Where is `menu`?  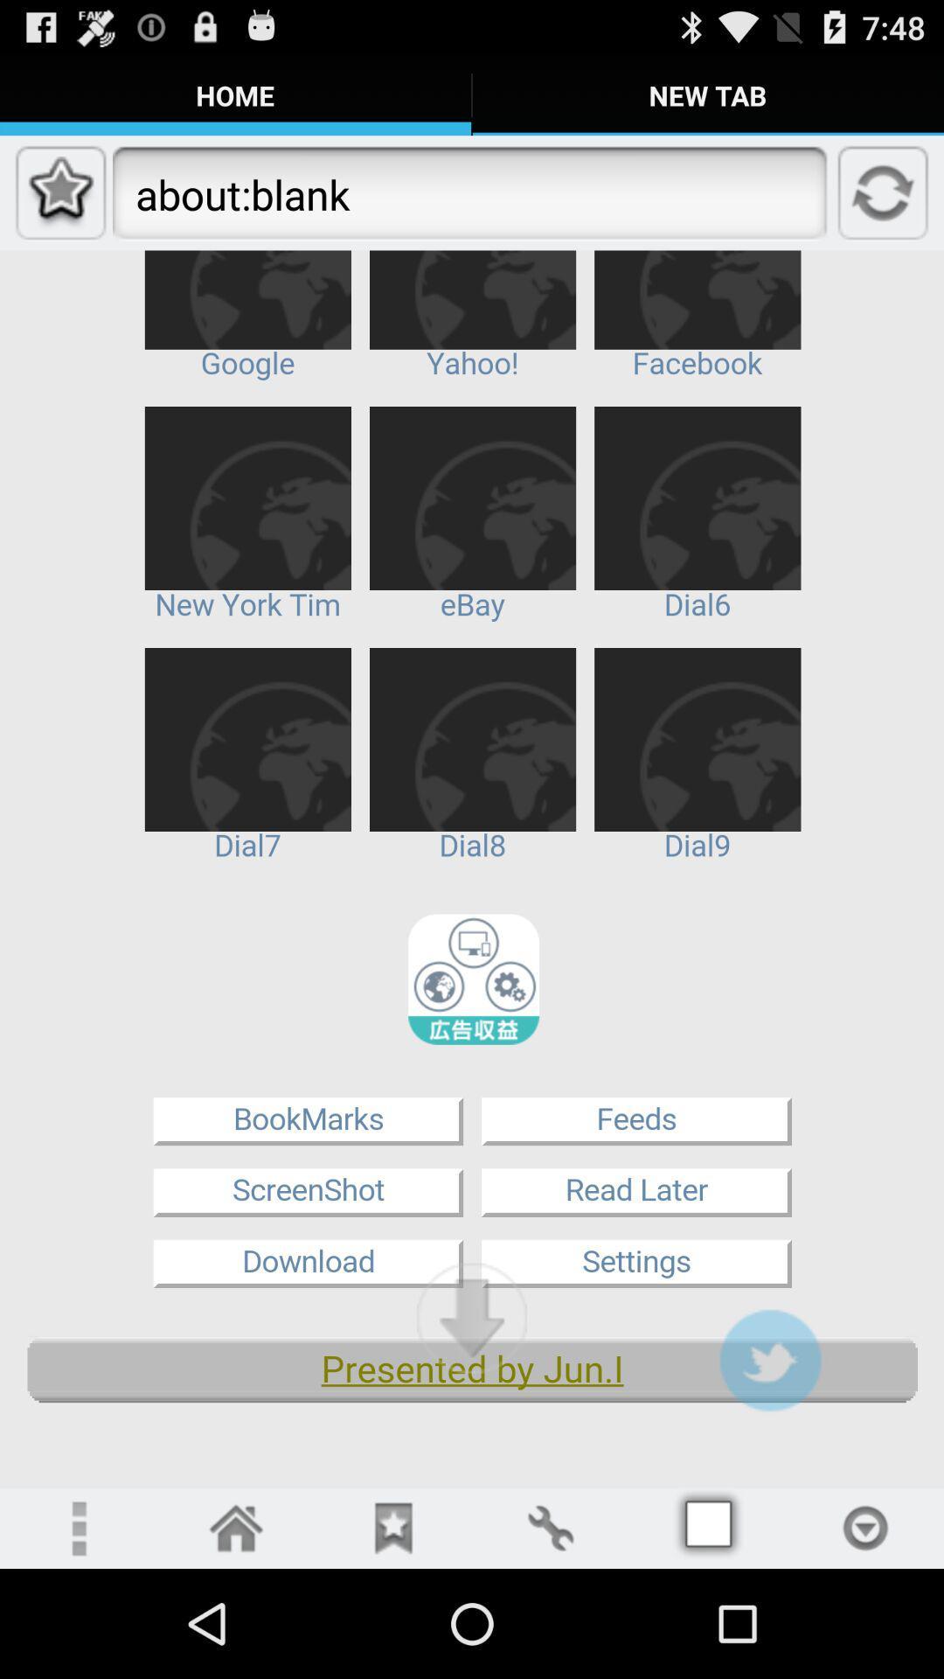 menu is located at coordinates (708, 1527).